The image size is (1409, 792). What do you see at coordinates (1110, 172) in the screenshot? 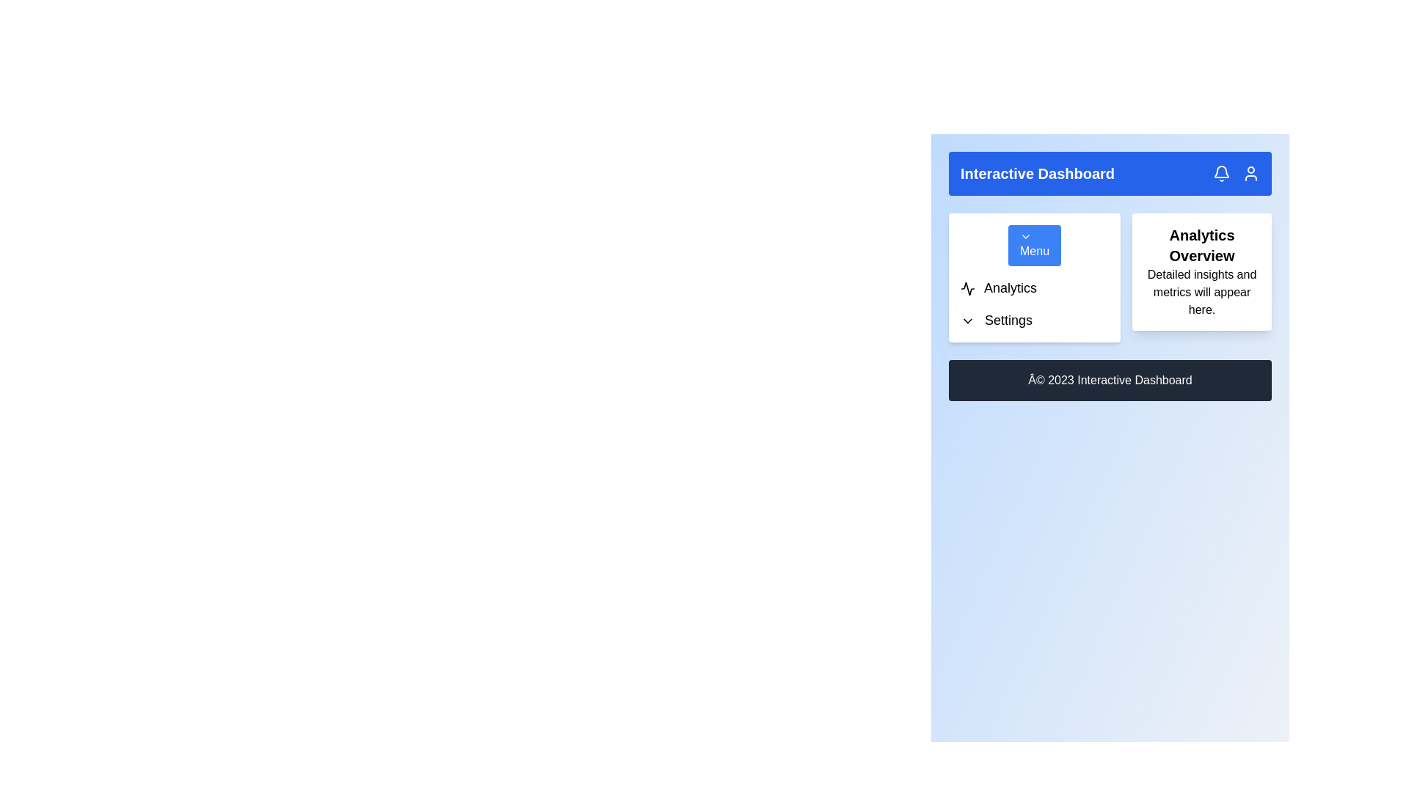
I see `the Header banner at the top of the interface, which has a blue background and displays 'Interactive Dashboard' in white bold text` at bounding box center [1110, 172].